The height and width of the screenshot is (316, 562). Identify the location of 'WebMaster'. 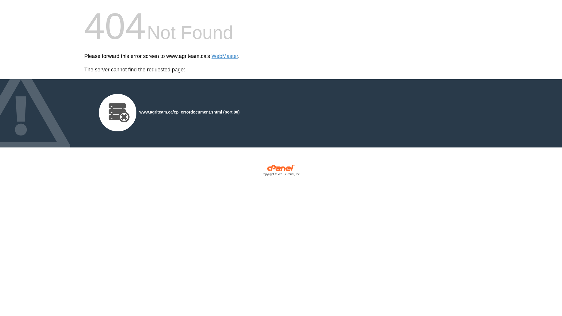
(225, 56).